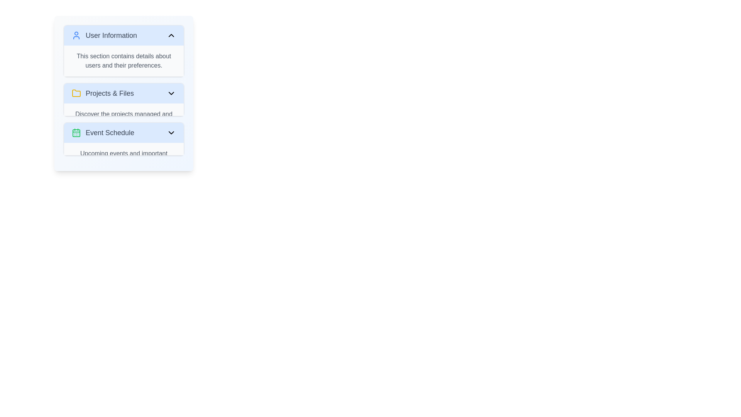 This screenshot has width=741, height=417. Describe the element at coordinates (124, 36) in the screenshot. I see `the 'User Information' toggle header` at that location.